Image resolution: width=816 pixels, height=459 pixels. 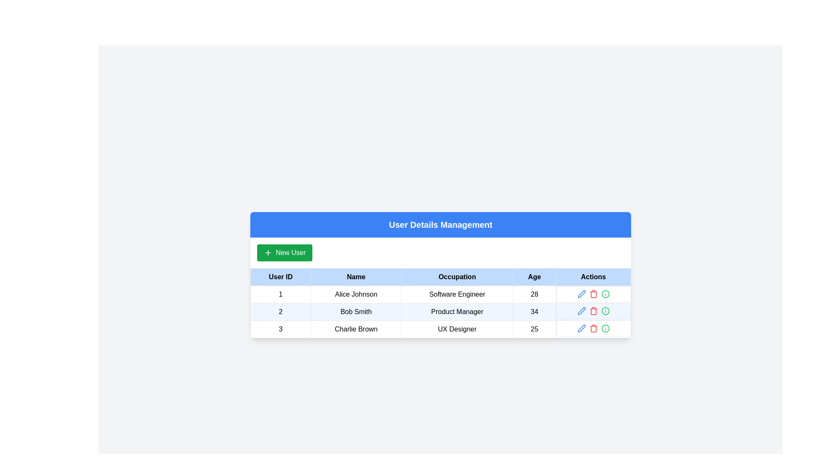 I want to click on the 'New User' label within the button component located beneath the 'User Details Management' header, so click(x=291, y=252).